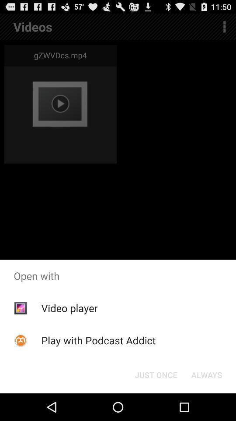 Image resolution: width=236 pixels, height=421 pixels. I want to click on the icon next to just once item, so click(206, 374).